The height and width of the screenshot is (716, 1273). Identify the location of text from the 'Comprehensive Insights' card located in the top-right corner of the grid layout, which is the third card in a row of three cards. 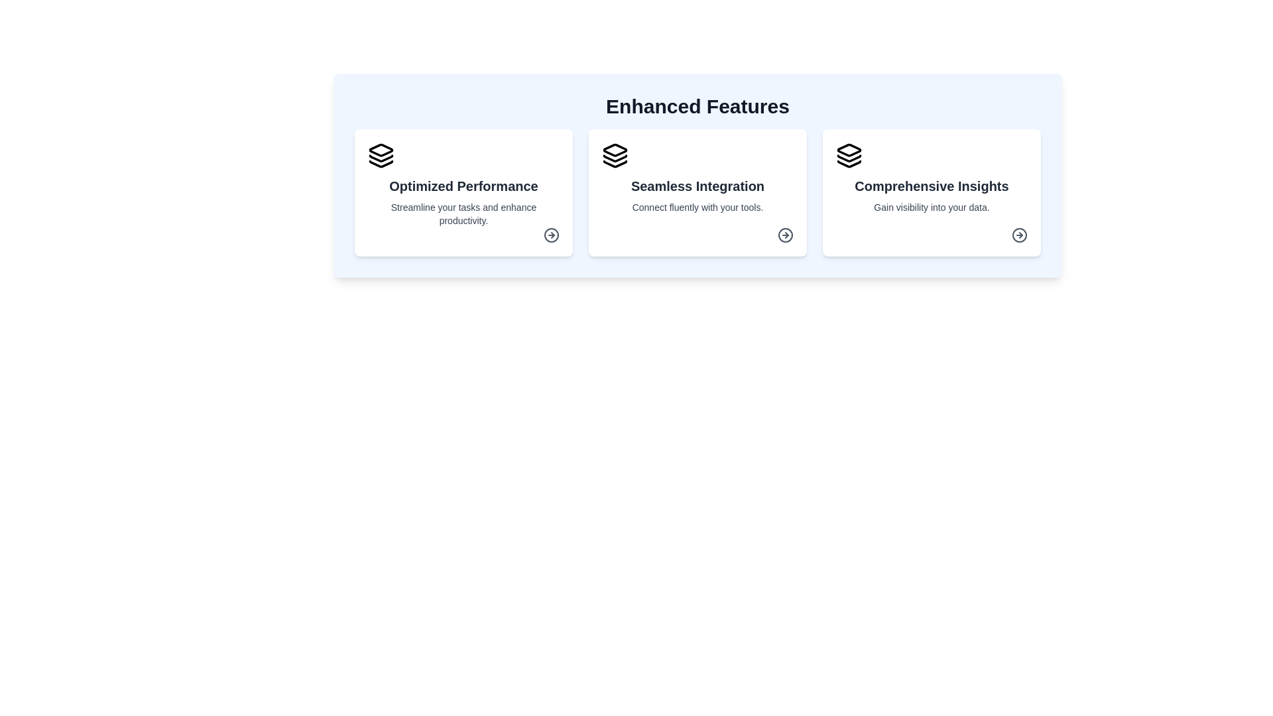
(931, 192).